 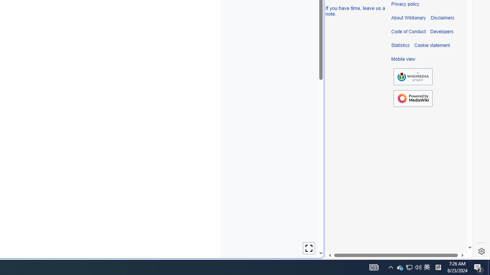 What do you see at coordinates (442, 18) in the screenshot?
I see `'Disclaimers'` at bounding box center [442, 18].